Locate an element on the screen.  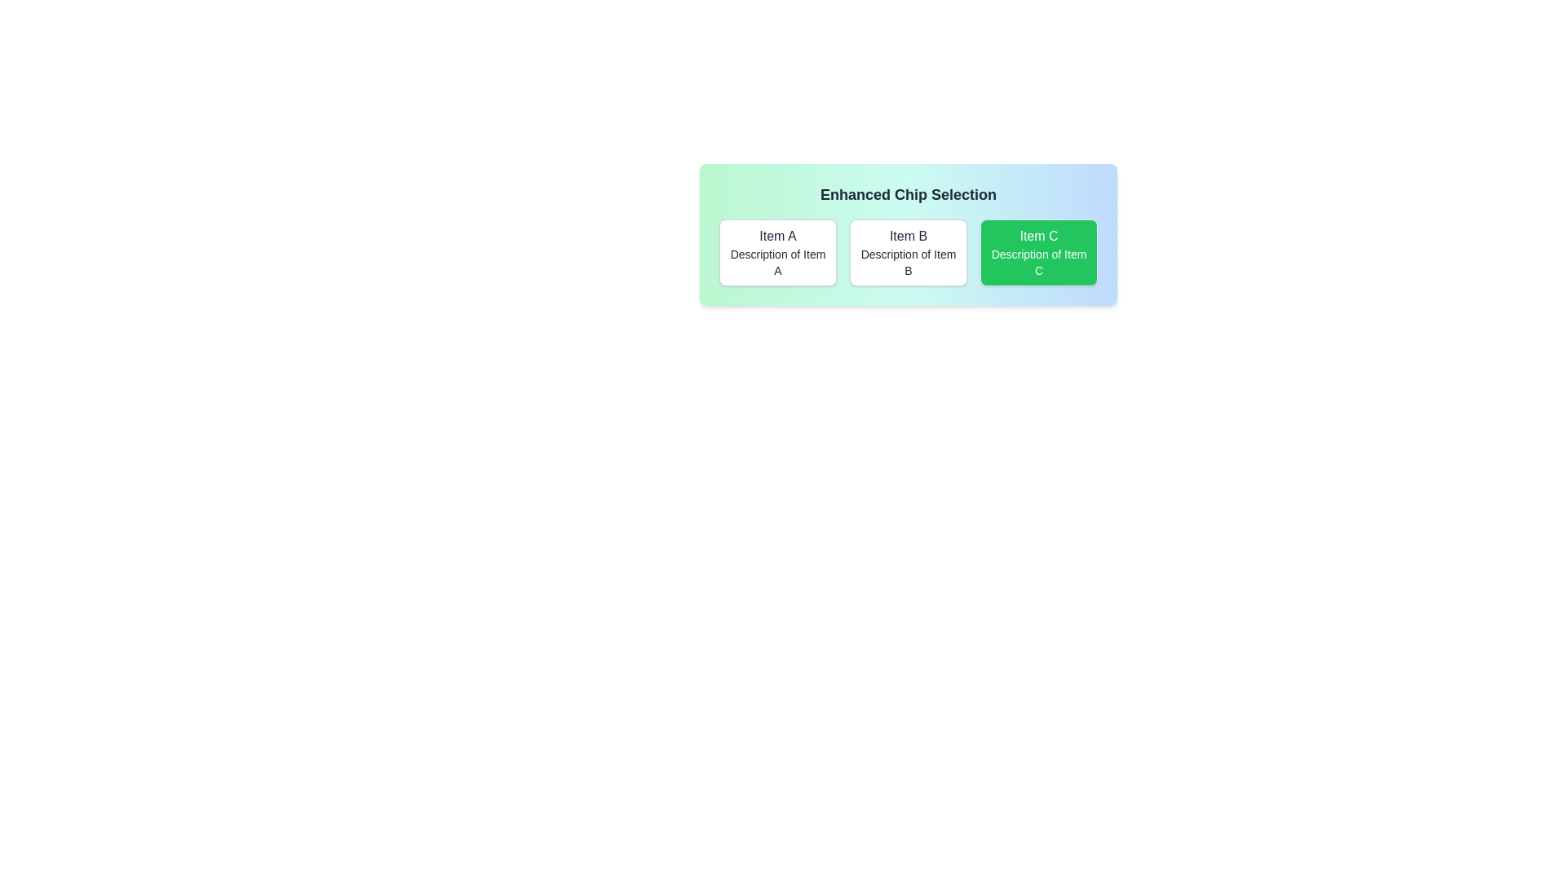
the item Item B by clicking on its button is located at coordinates (907, 252).